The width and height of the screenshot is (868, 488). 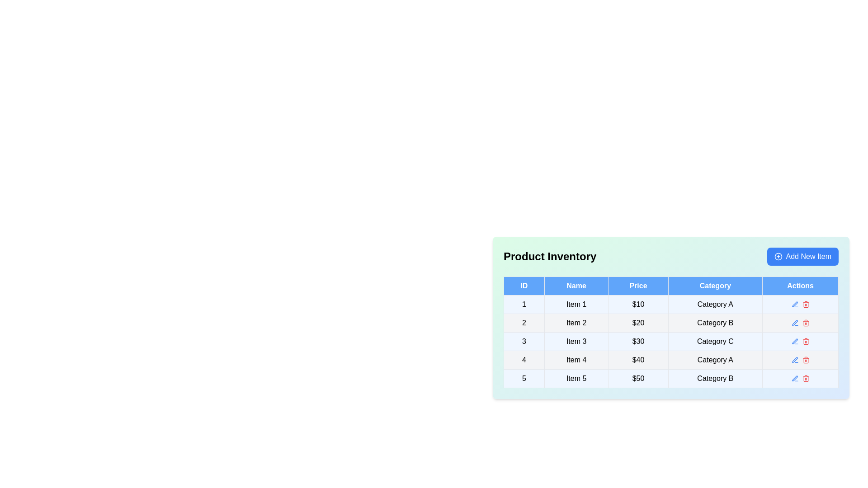 What do you see at coordinates (576, 342) in the screenshot?
I see `the Text label in the second column of the third row in the table, which displays the product name and is located between '3' and '$30'` at bounding box center [576, 342].